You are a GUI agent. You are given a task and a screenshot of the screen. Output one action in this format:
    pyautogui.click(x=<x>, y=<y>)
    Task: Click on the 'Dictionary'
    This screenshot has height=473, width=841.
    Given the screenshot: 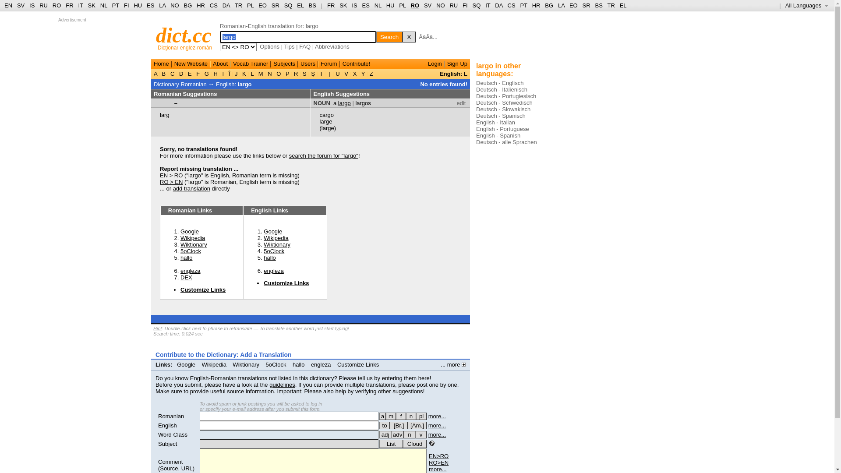 What is the action you would take?
    pyautogui.click(x=166, y=84)
    